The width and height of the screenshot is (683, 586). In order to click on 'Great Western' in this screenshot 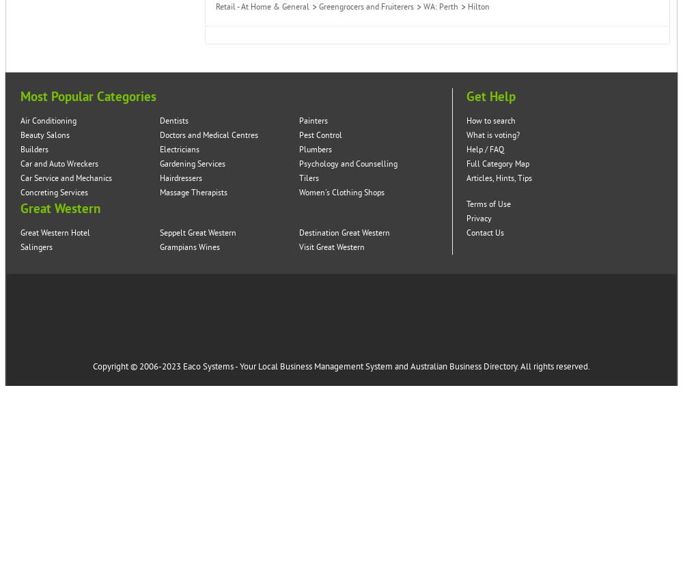, I will do `click(59, 208)`.